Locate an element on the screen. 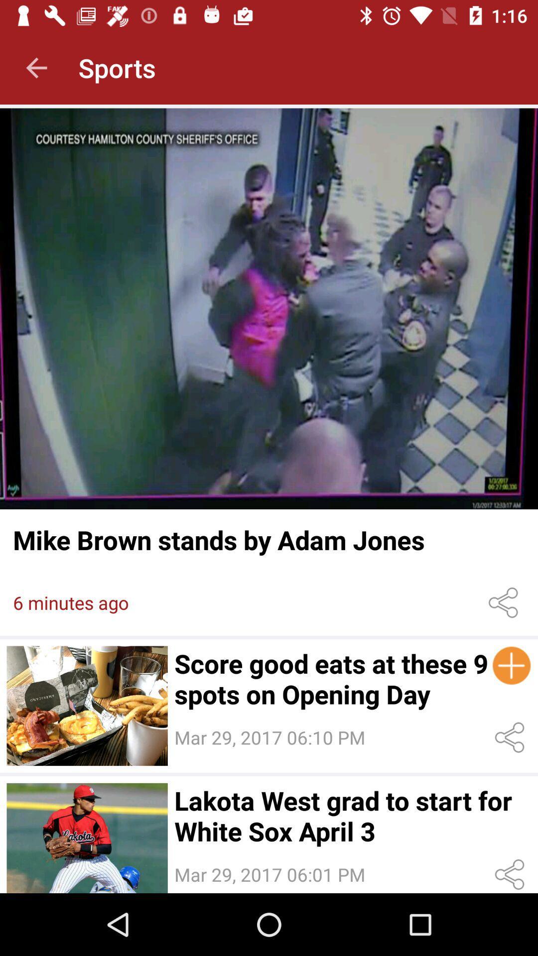  share the article is located at coordinates (505, 602).